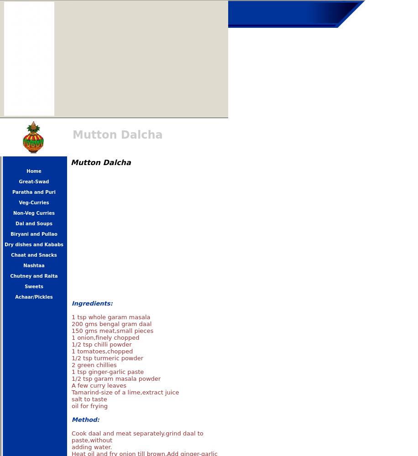  What do you see at coordinates (72, 392) in the screenshot?
I see `'Tamarind-size of a lime,extract juice'` at bounding box center [72, 392].